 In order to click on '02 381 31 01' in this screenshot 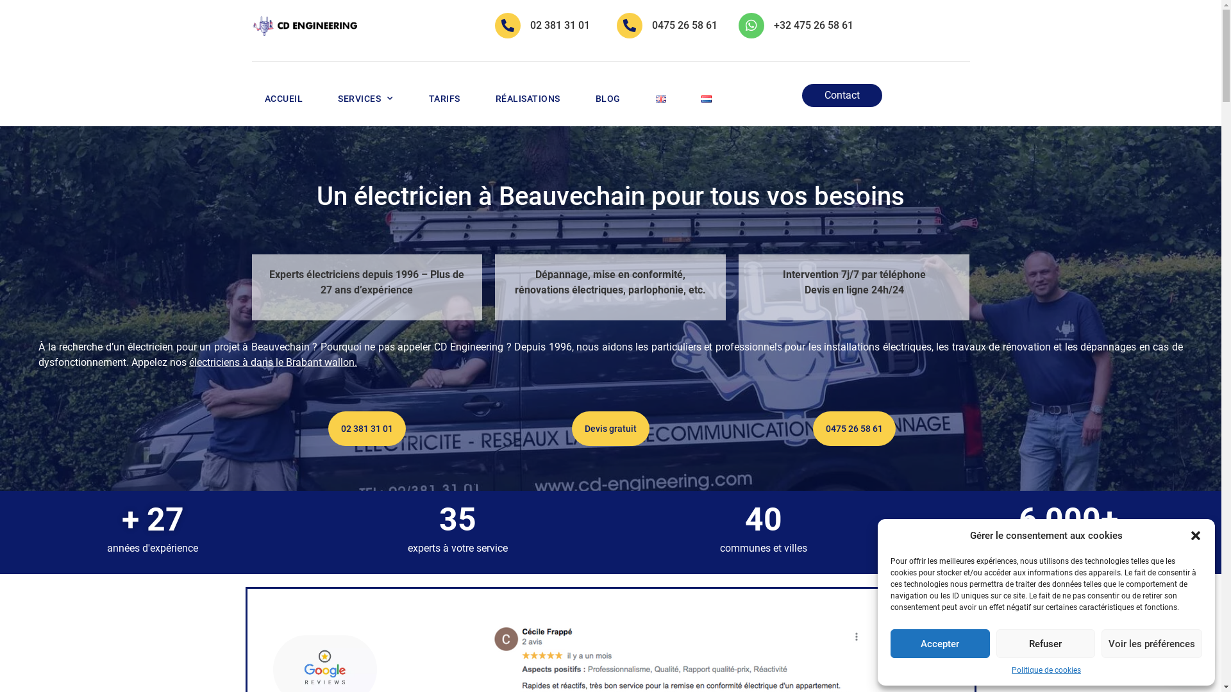, I will do `click(560, 25)`.